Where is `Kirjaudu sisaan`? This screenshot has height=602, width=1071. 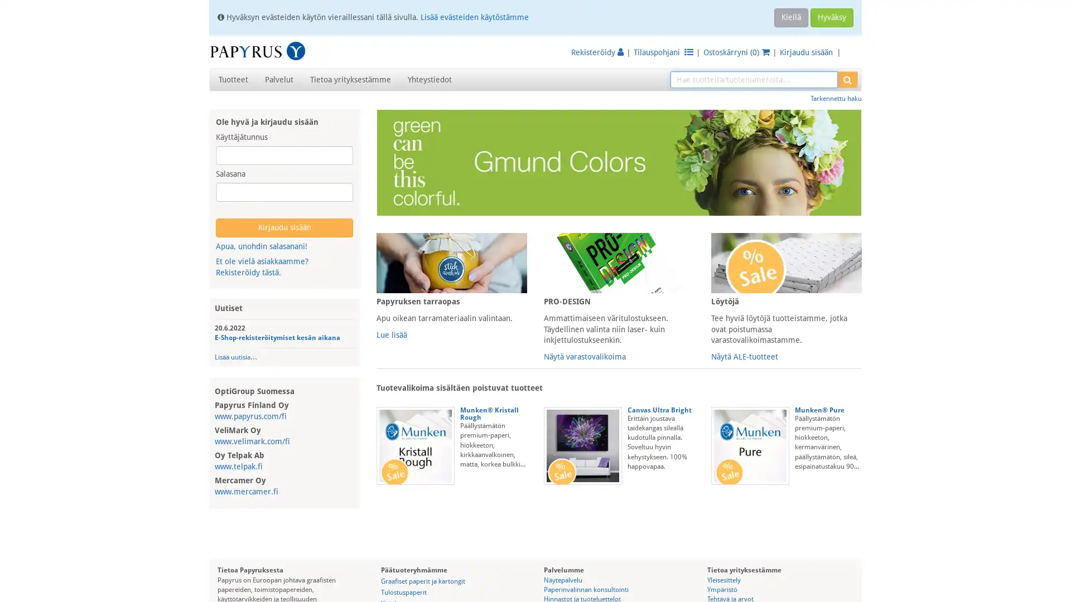 Kirjaudu sisaan is located at coordinates (284, 227).